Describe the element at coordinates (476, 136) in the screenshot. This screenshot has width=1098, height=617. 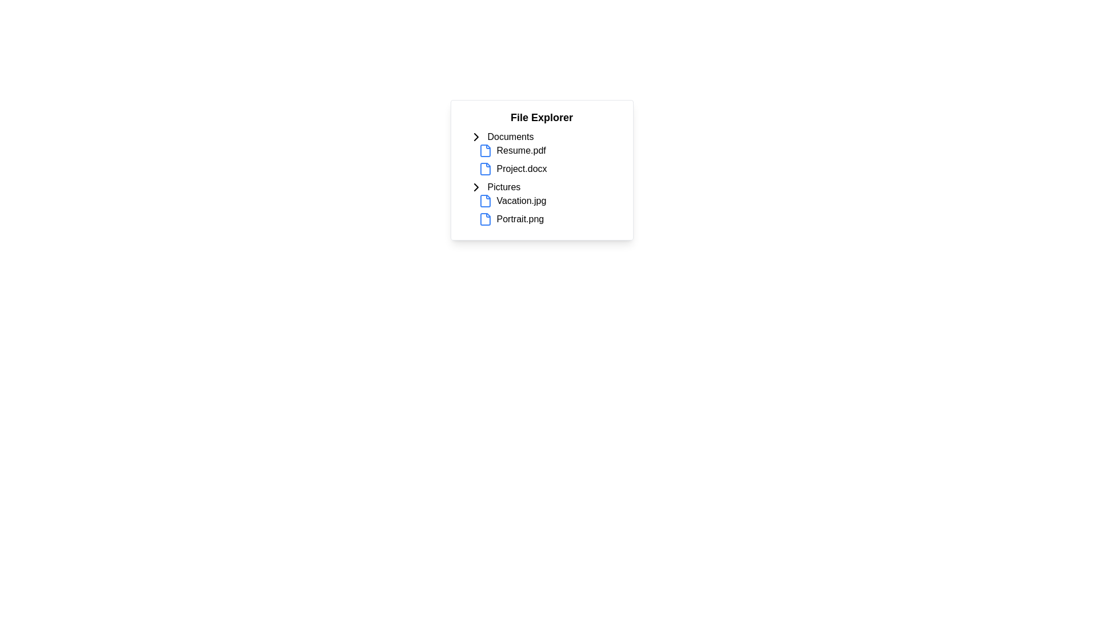
I see `the toggle button icon located to the left of the 'Documents' label in the file explorer widget` at that location.